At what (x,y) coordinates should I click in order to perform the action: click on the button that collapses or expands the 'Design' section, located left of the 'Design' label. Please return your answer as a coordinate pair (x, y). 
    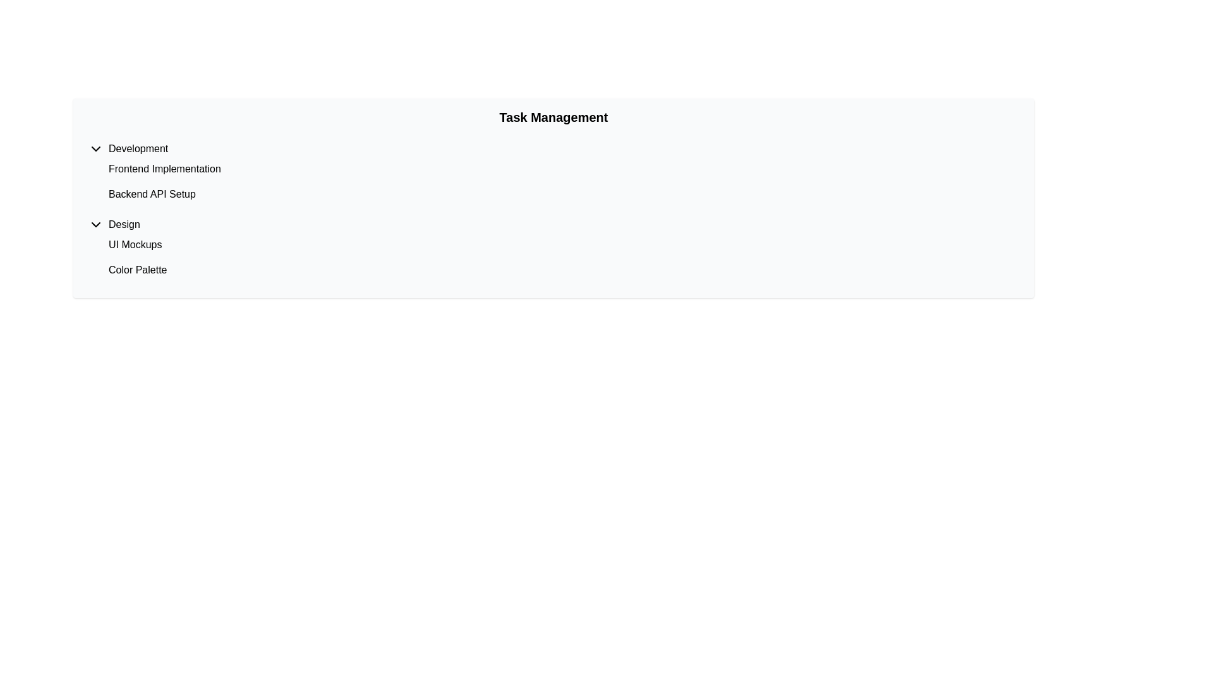
    Looking at the image, I should click on (95, 224).